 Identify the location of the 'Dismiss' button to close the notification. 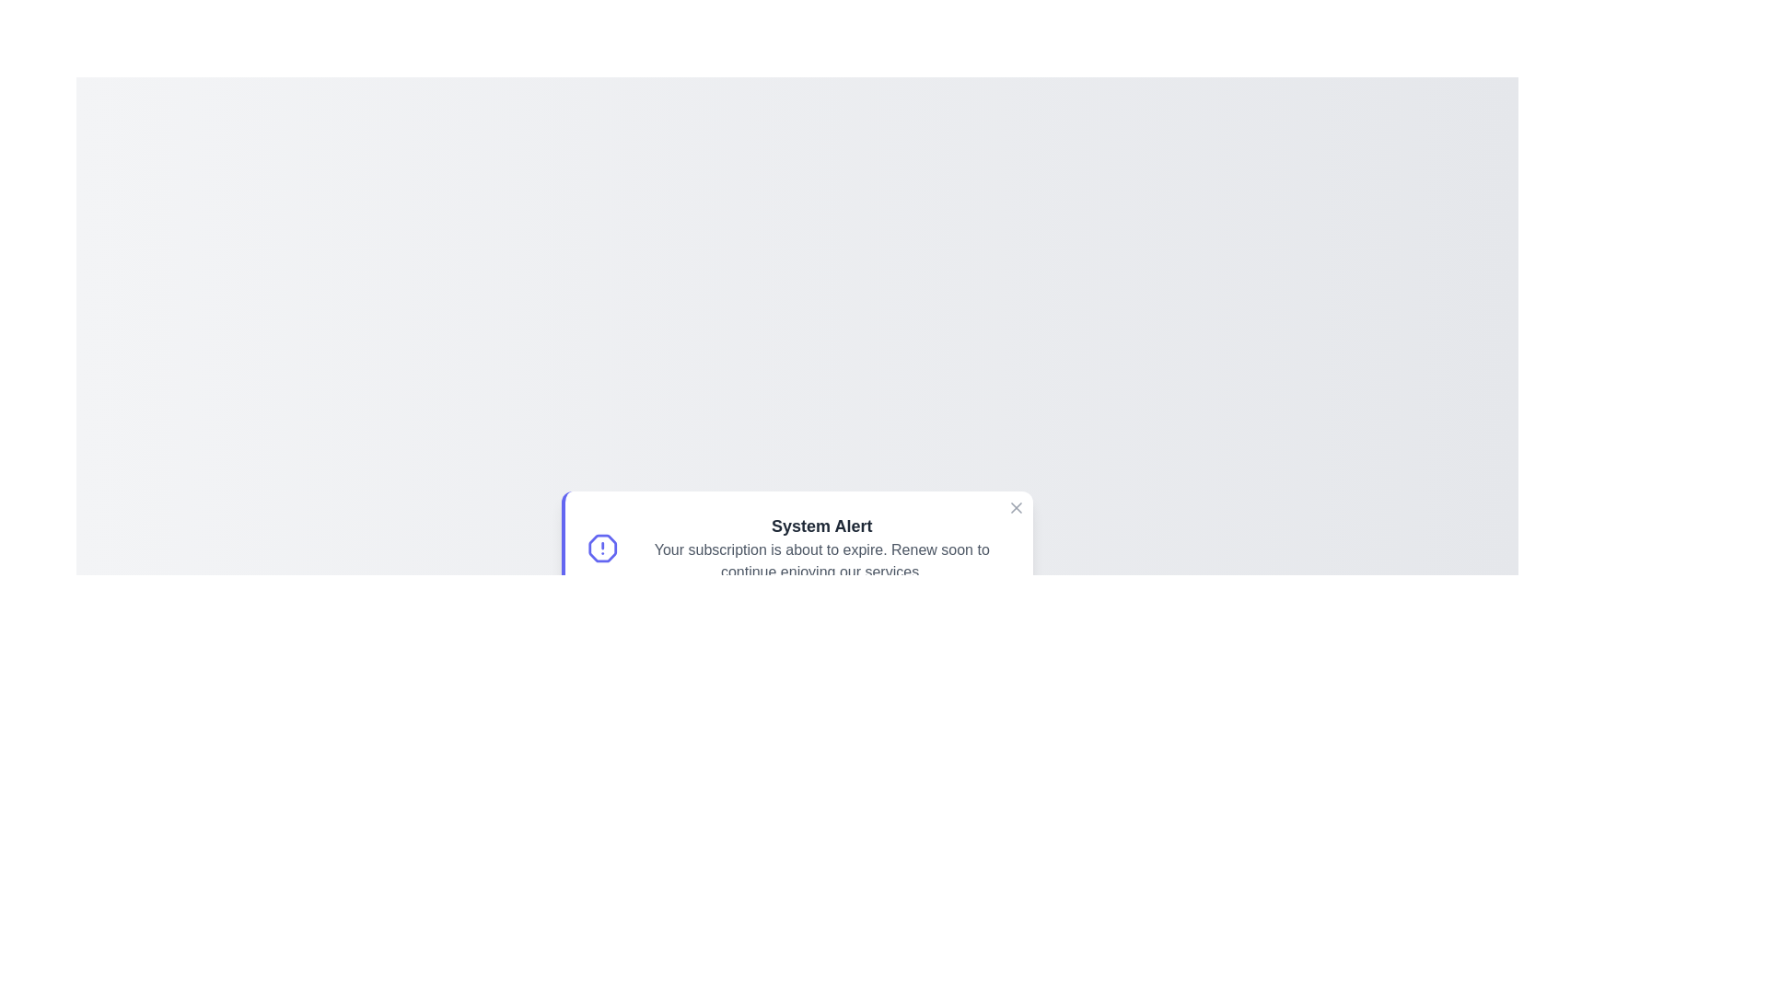
(970, 617).